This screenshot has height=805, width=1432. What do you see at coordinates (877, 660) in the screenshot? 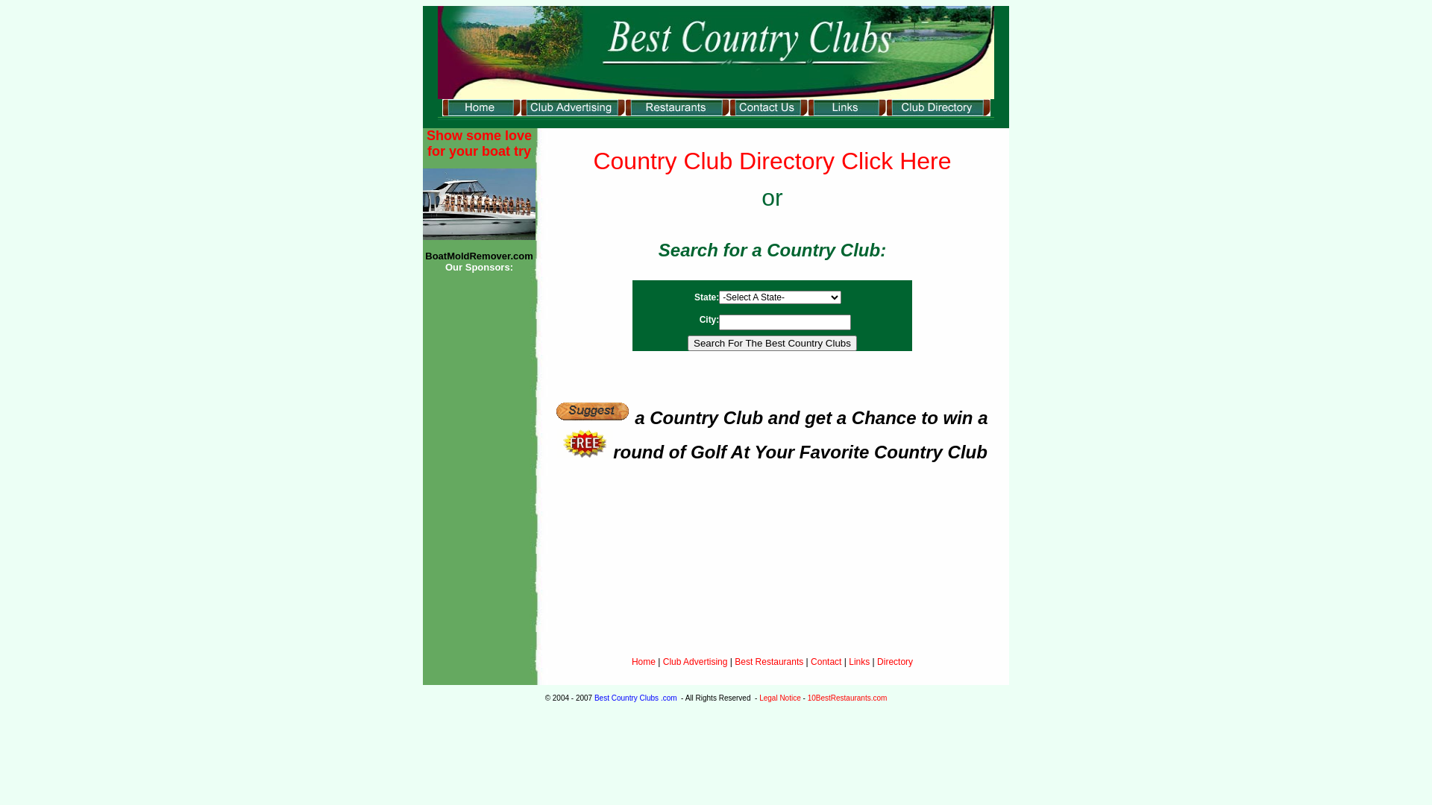
I see `'Directory'` at bounding box center [877, 660].